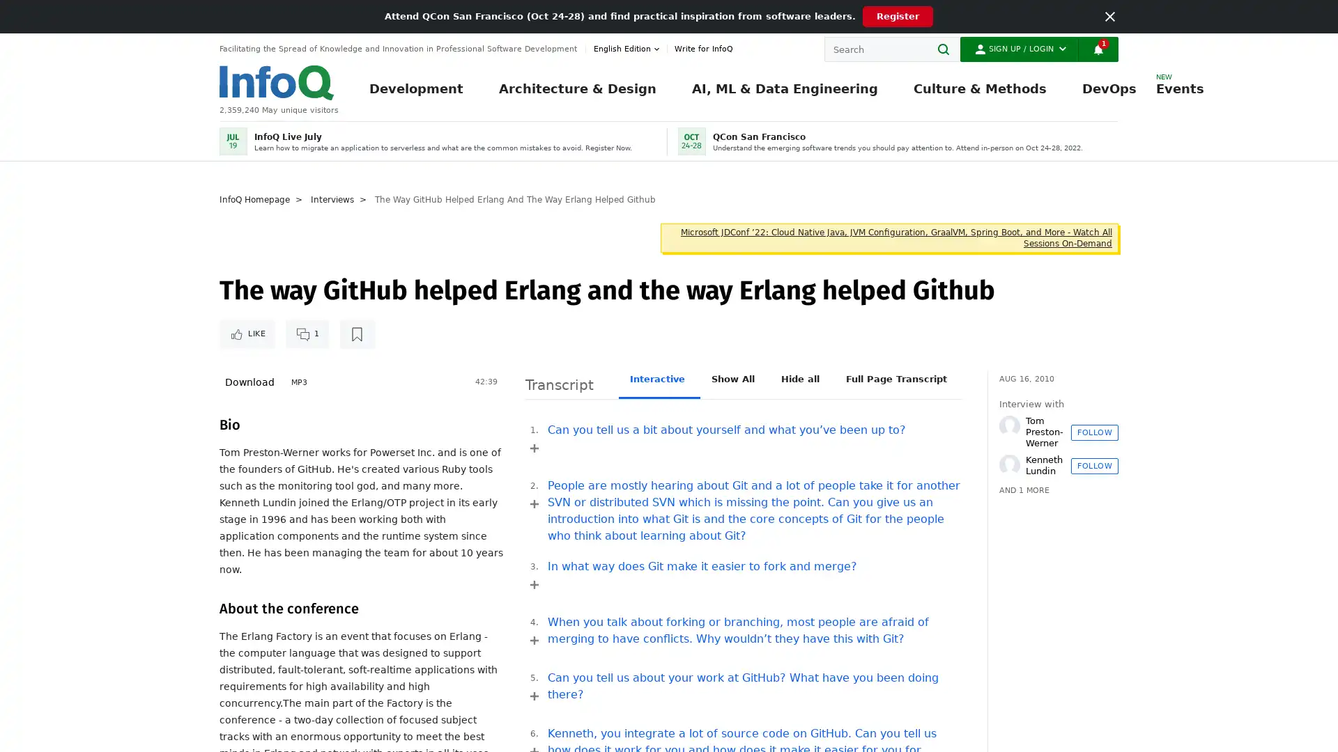 This screenshot has width=1338, height=752. What do you see at coordinates (628, 48) in the screenshot?
I see `English edition` at bounding box center [628, 48].